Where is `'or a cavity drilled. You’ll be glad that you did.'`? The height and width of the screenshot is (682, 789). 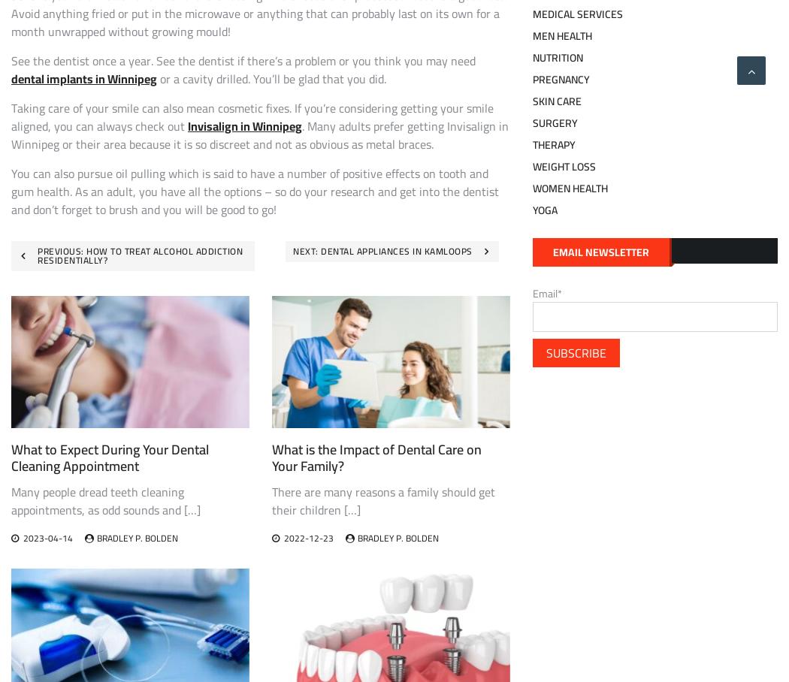 'or a cavity drilled. You’ll be glad that you did.' is located at coordinates (271, 77).